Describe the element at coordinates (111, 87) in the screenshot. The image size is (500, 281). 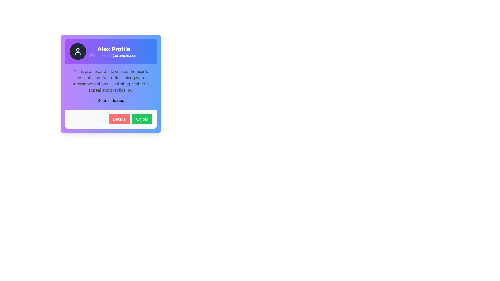
I see `descriptive information displayed in the informational label located below the user's name and email address, and above the 'Details' and 'Unjoin' buttons on the profile card` at that location.